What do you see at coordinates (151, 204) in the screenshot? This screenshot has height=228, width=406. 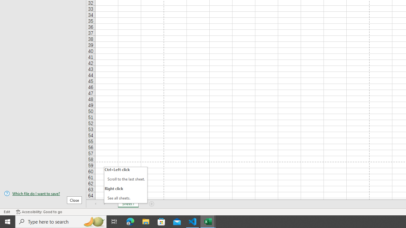 I see `'Add Sheet'` at bounding box center [151, 204].